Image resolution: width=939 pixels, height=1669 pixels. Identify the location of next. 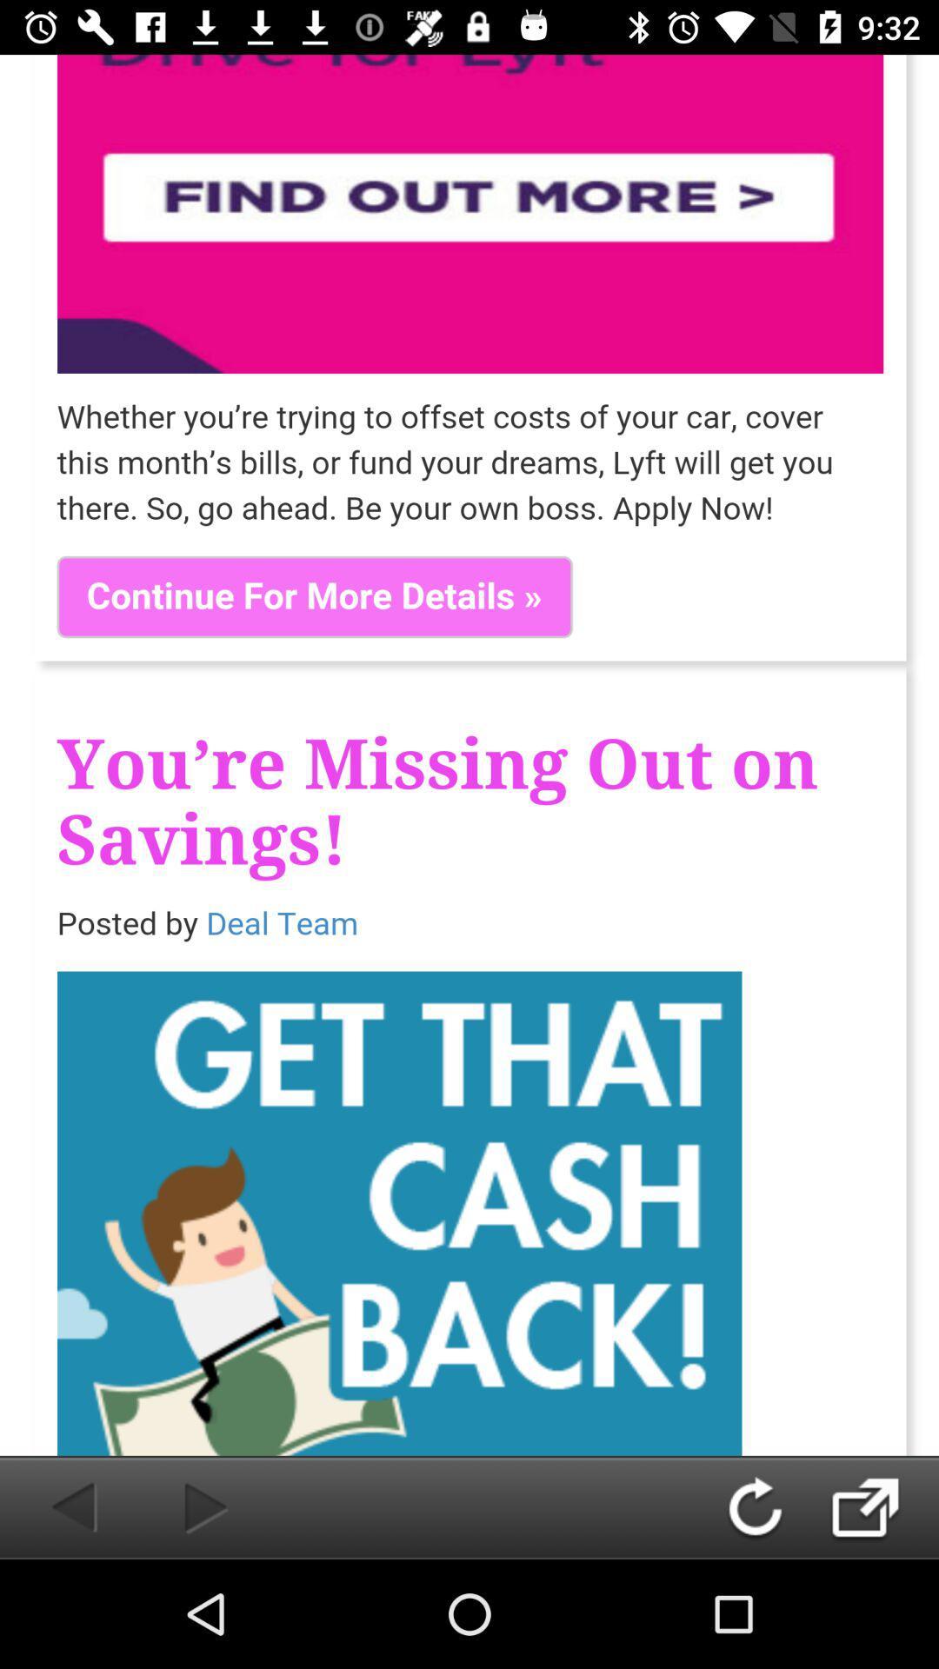
(177, 1506).